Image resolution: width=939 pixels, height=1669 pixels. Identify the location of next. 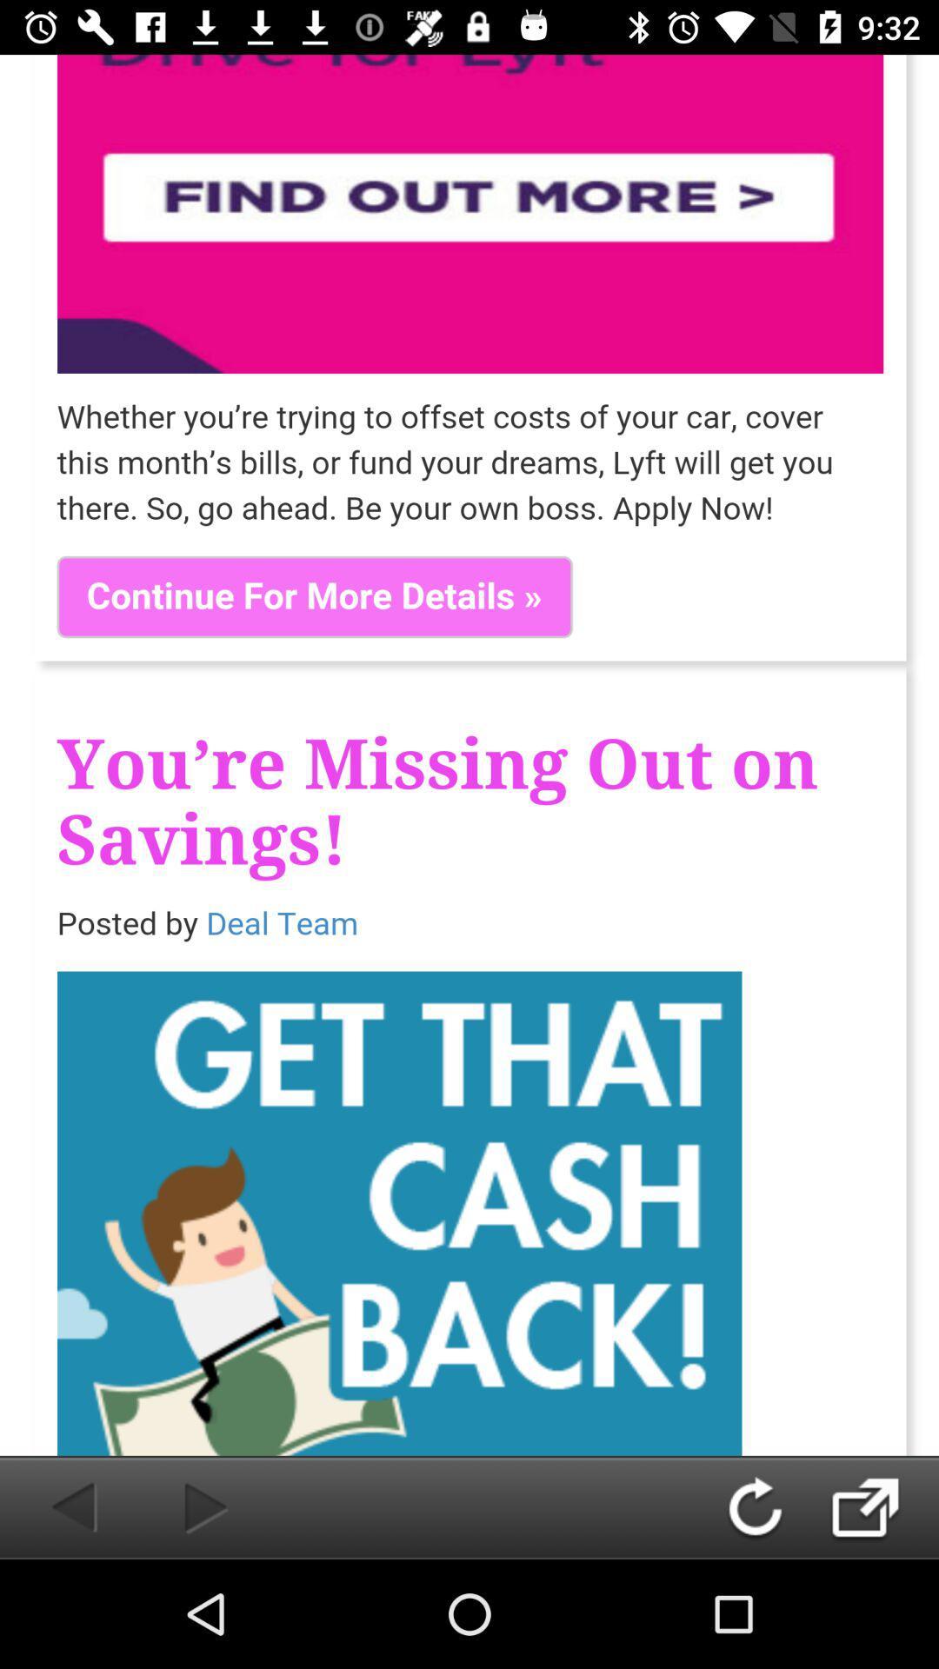
(177, 1506).